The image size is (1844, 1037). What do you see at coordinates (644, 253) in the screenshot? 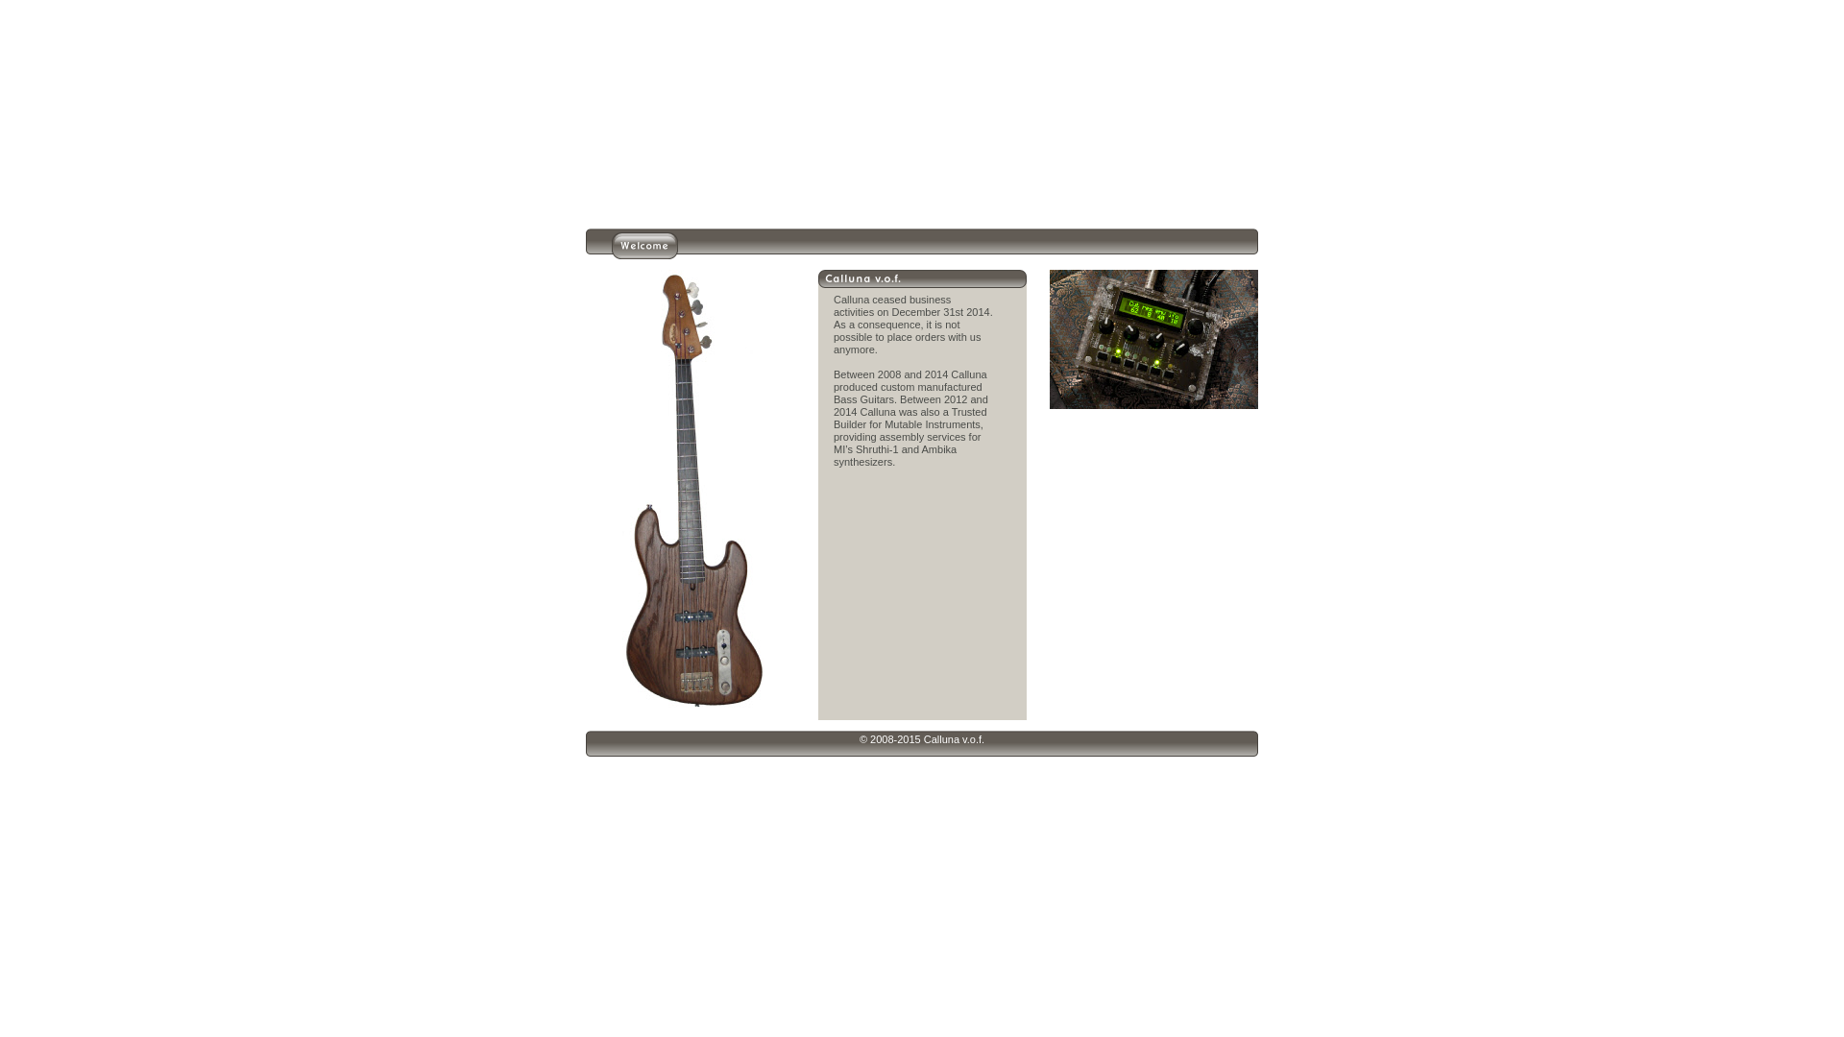
I see `'Welcome'` at bounding box center [644, 253].